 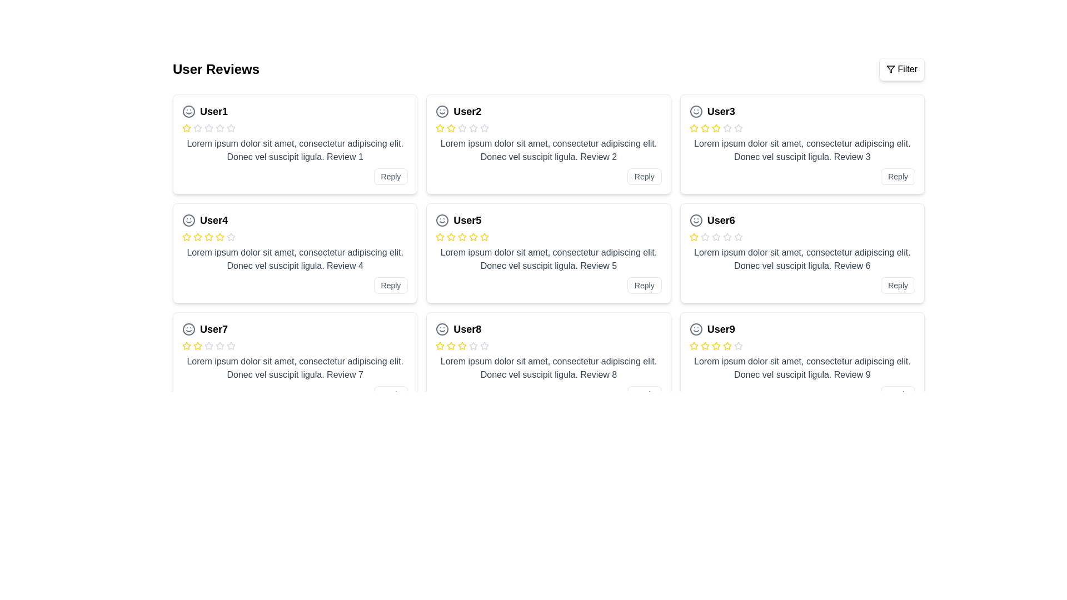 What do you see at coordinates (704, 345) in the screenshot?
I see `the second visual rating star representing the user's second rating point for 'User9' in the five-star rating system, located in the bottom-right card of the grid layout` at bounding box center [704, 345].